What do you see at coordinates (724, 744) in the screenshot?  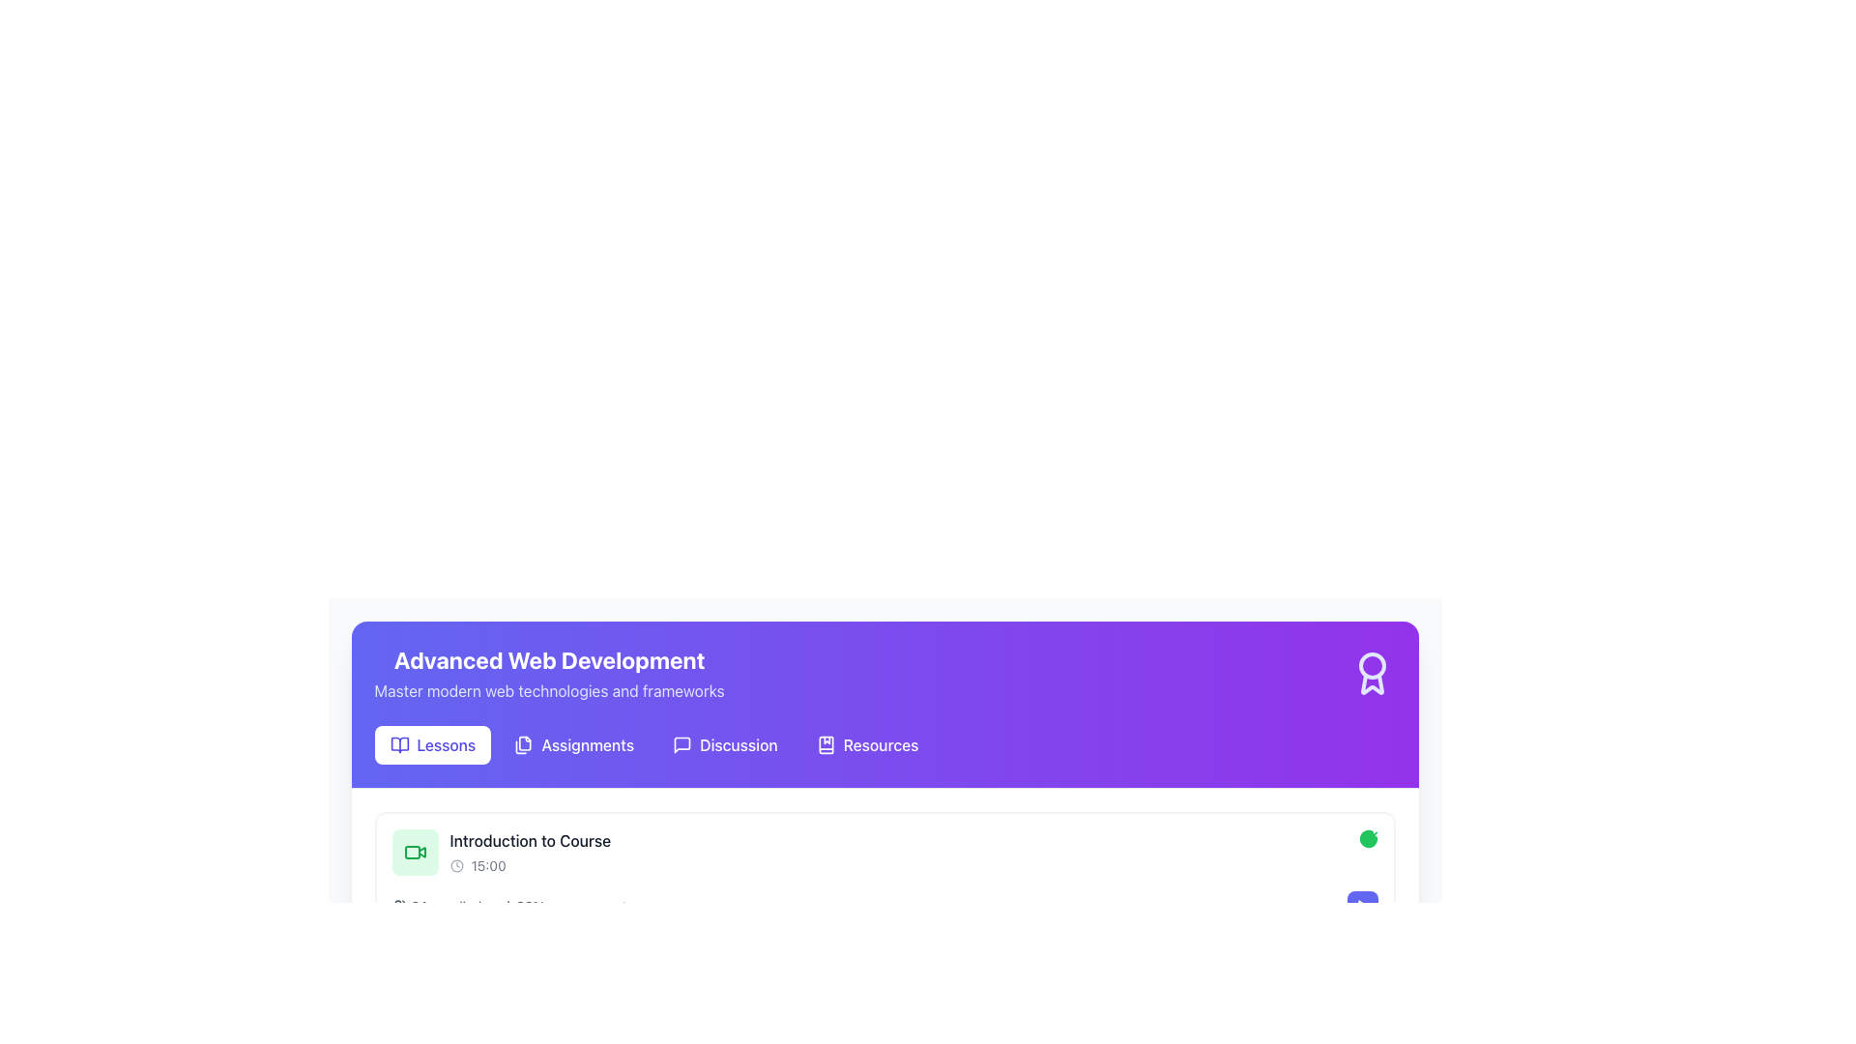 I see `the third button from the left, located between the 'Assignments' and 'Resources' buttons` at bounding box center [724, 744].